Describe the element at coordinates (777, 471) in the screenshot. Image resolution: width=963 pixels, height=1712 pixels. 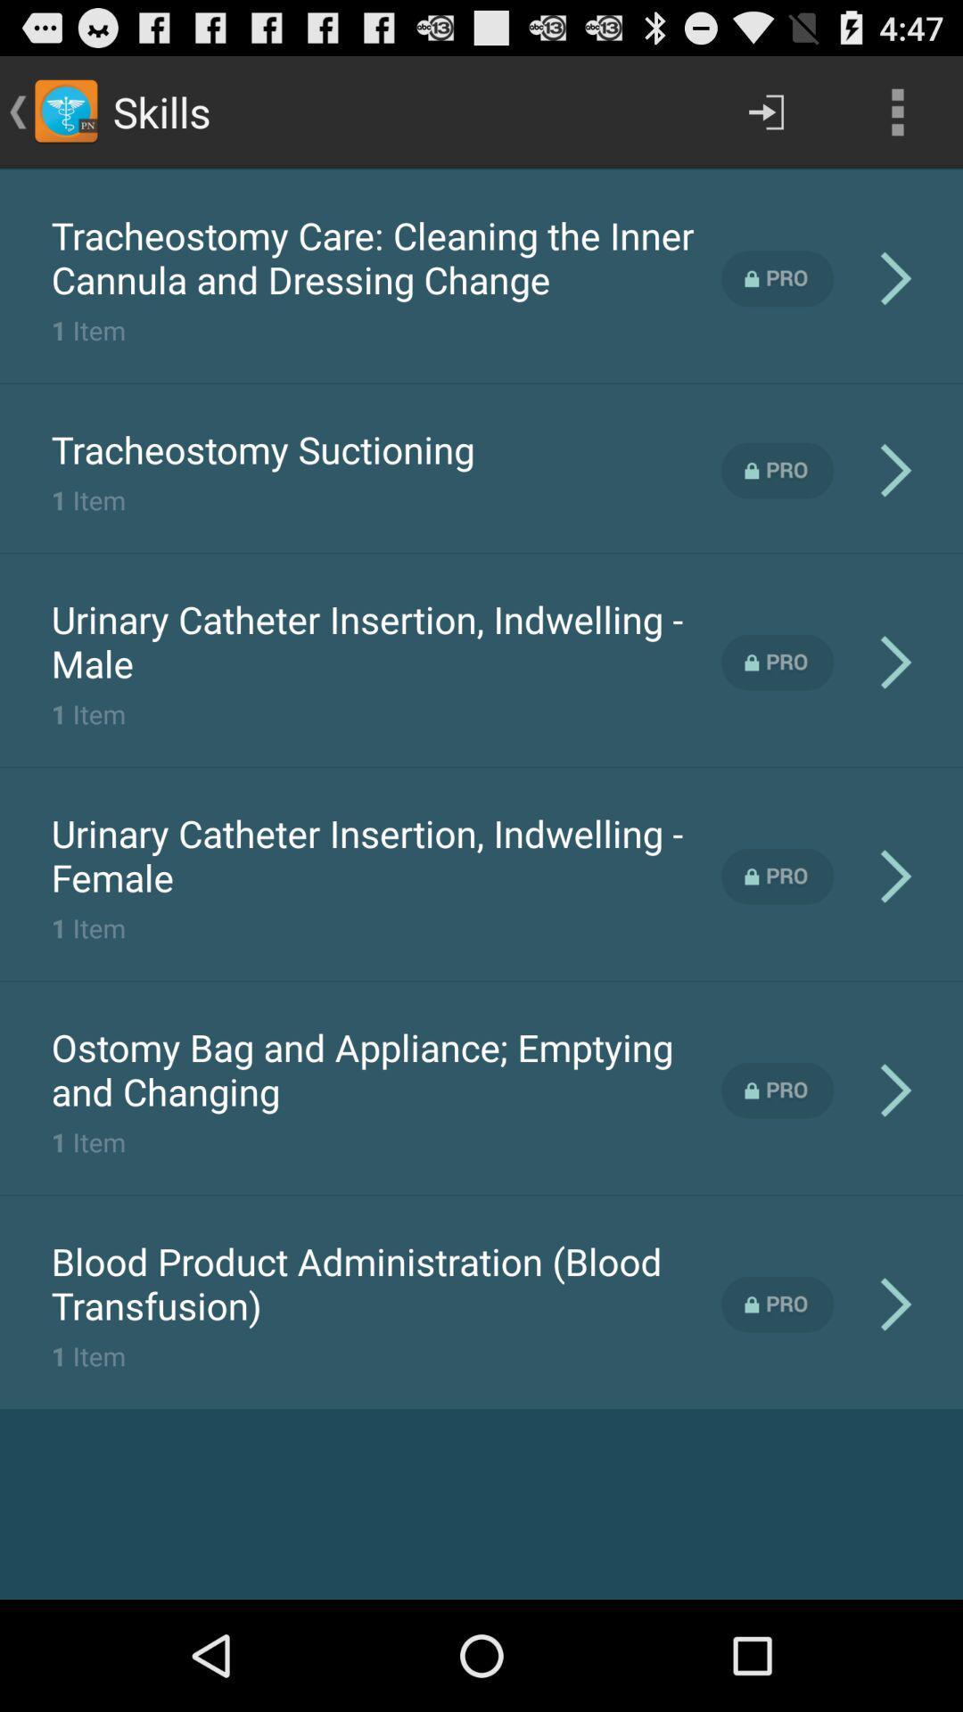
I see `locked pro options` at that location.